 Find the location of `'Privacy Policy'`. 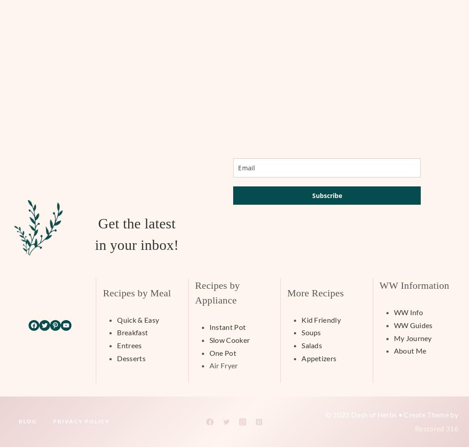

'Privacy Policy' is located at coordinates (81, 421).